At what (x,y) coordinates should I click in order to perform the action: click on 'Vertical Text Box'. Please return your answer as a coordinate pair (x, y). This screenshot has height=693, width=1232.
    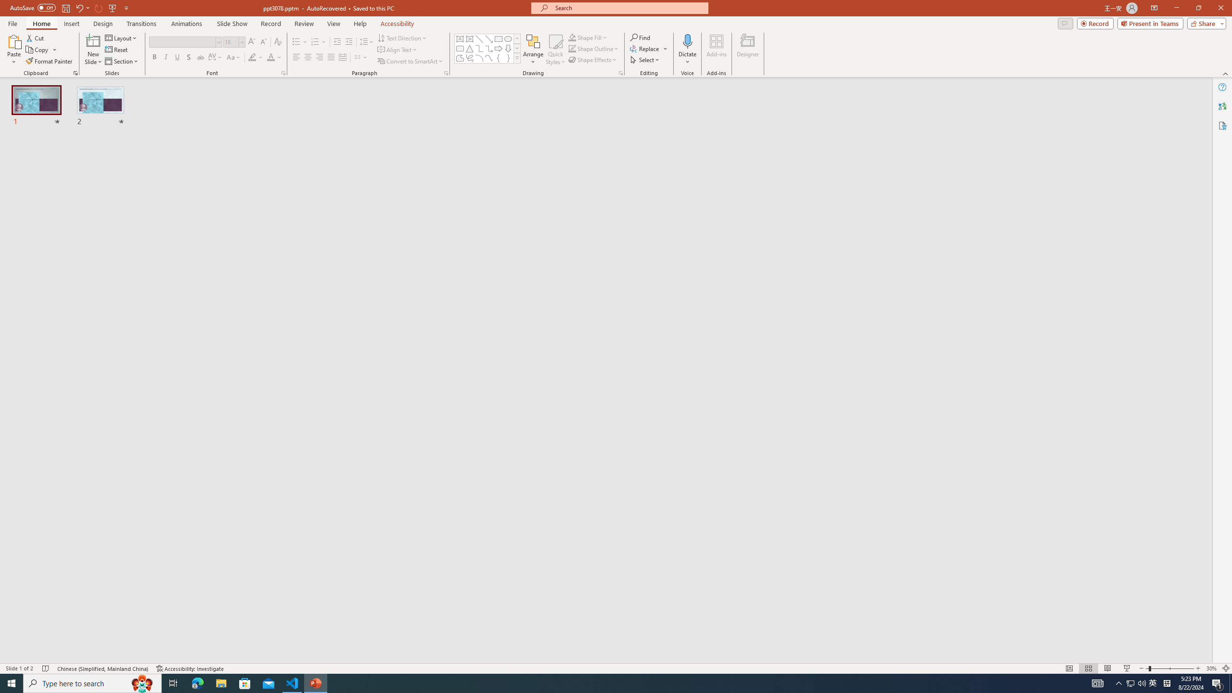
    Looking at the image, I should click on (469, 38).